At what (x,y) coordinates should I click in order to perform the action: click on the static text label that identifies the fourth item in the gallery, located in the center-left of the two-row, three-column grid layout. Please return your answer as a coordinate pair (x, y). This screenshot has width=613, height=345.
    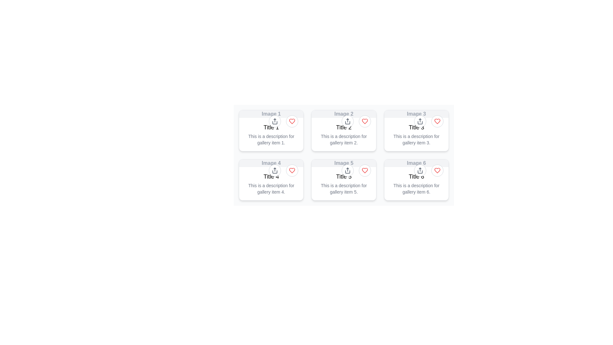
    Looking at the image, I should click on (271, 163).